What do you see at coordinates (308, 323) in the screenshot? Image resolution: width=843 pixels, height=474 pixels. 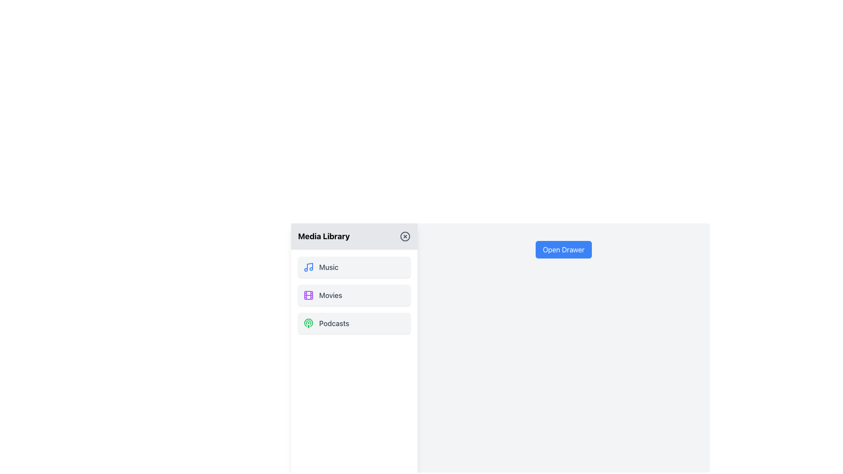 I see `the outermost ring of the circular podcast icon in the Media Library list, which is primarily green and located at the third entry` at bounding box center [308, 323].